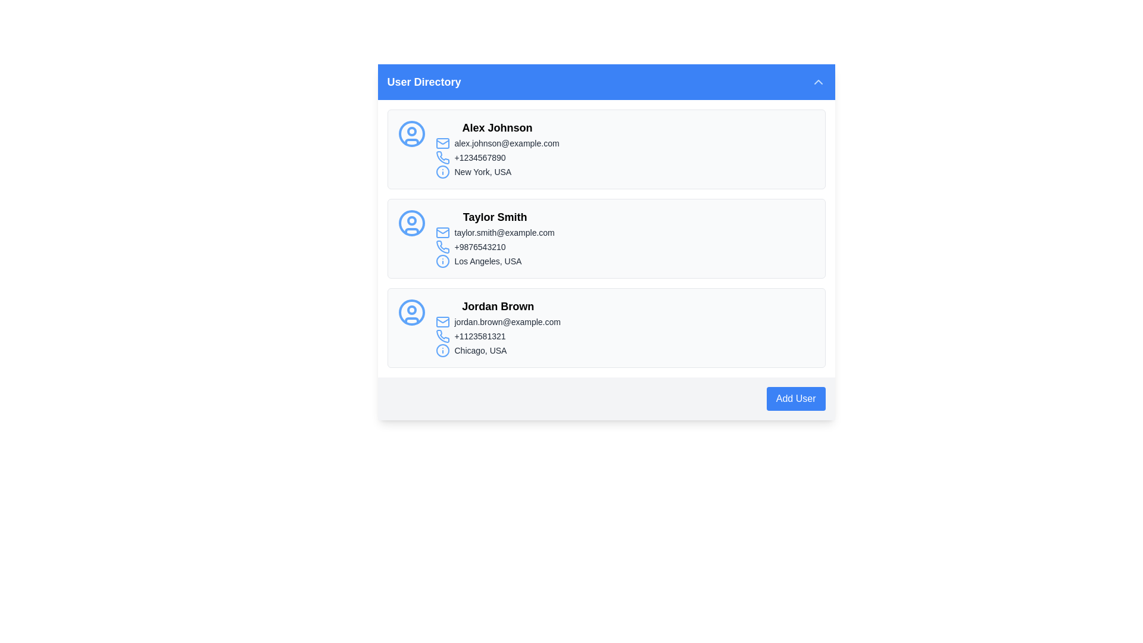 This screenshot has height=643, width=1143. I want to click on the graphic icon representing Alex Johnson's profile, located in the top-left corner of the user card within the user directory, so click(411, 133).